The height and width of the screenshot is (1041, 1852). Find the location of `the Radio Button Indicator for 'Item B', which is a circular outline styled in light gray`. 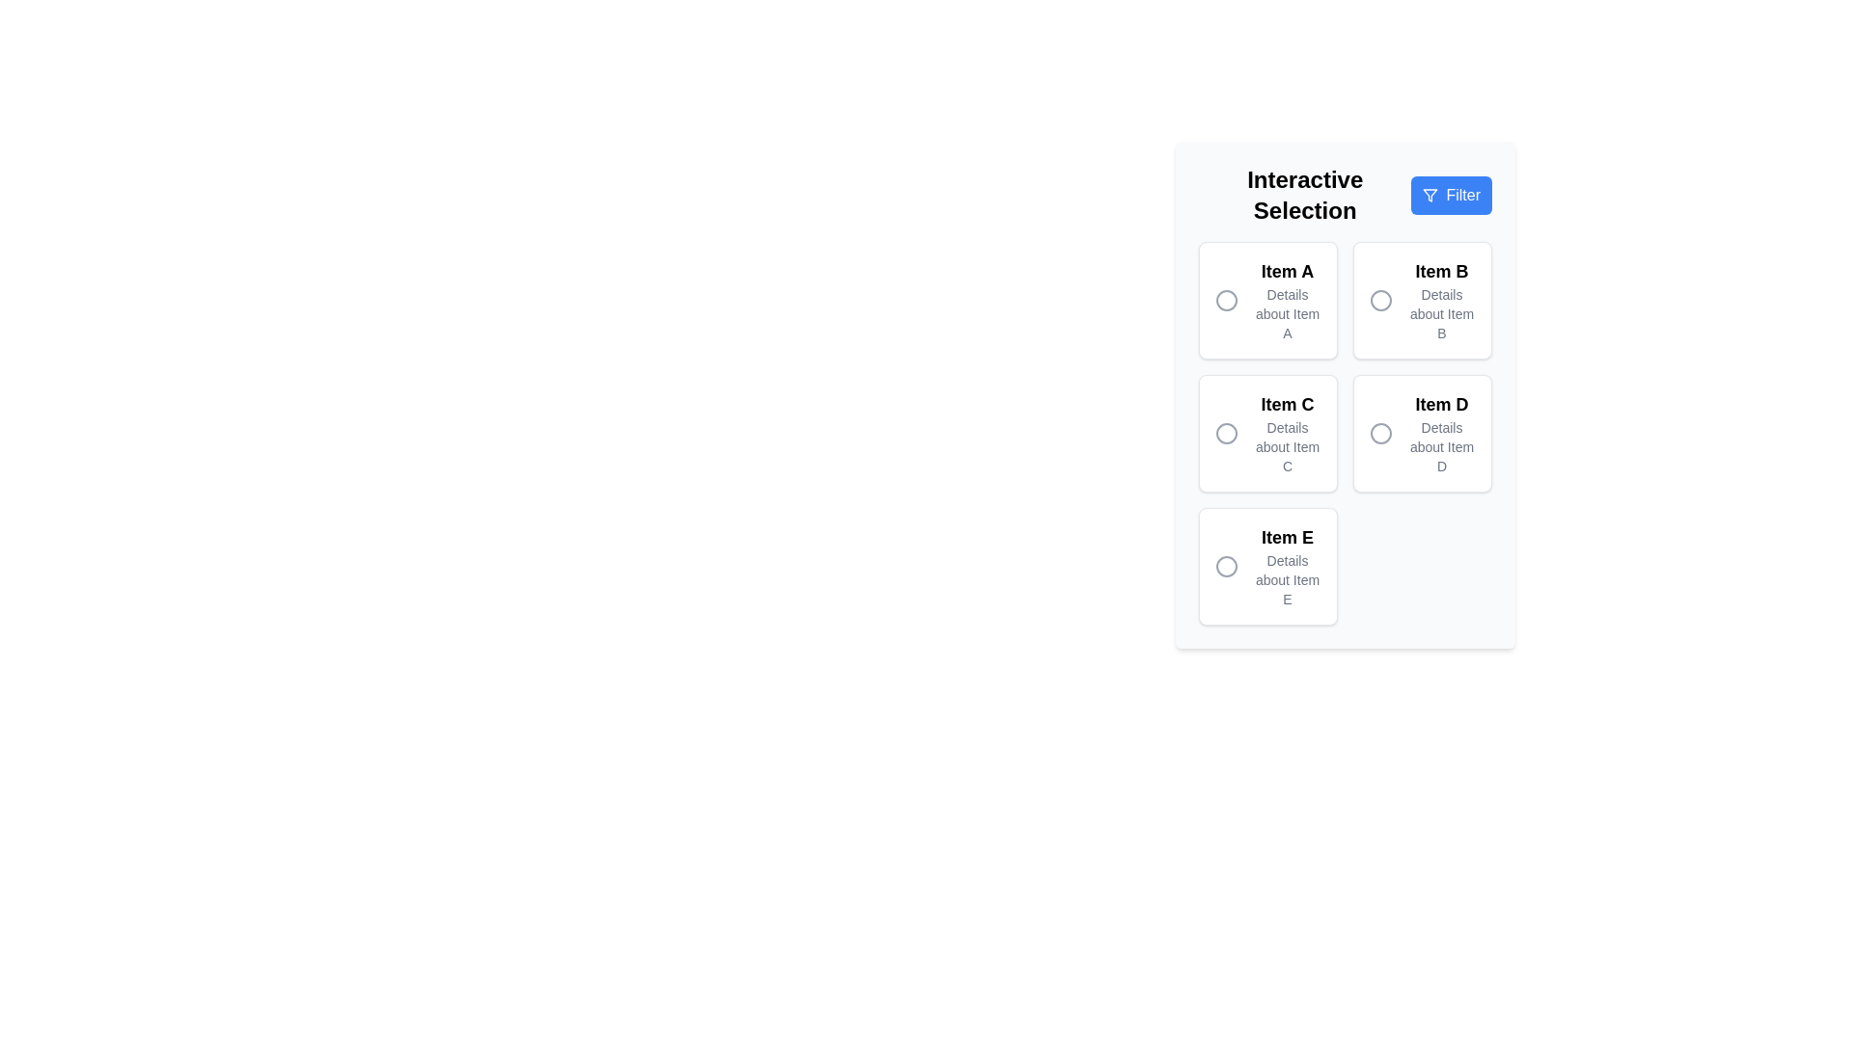

the Radio Button Indicator for 'Item B', which is a circular outline styled in light gray is located at coordinates (1379, 301).